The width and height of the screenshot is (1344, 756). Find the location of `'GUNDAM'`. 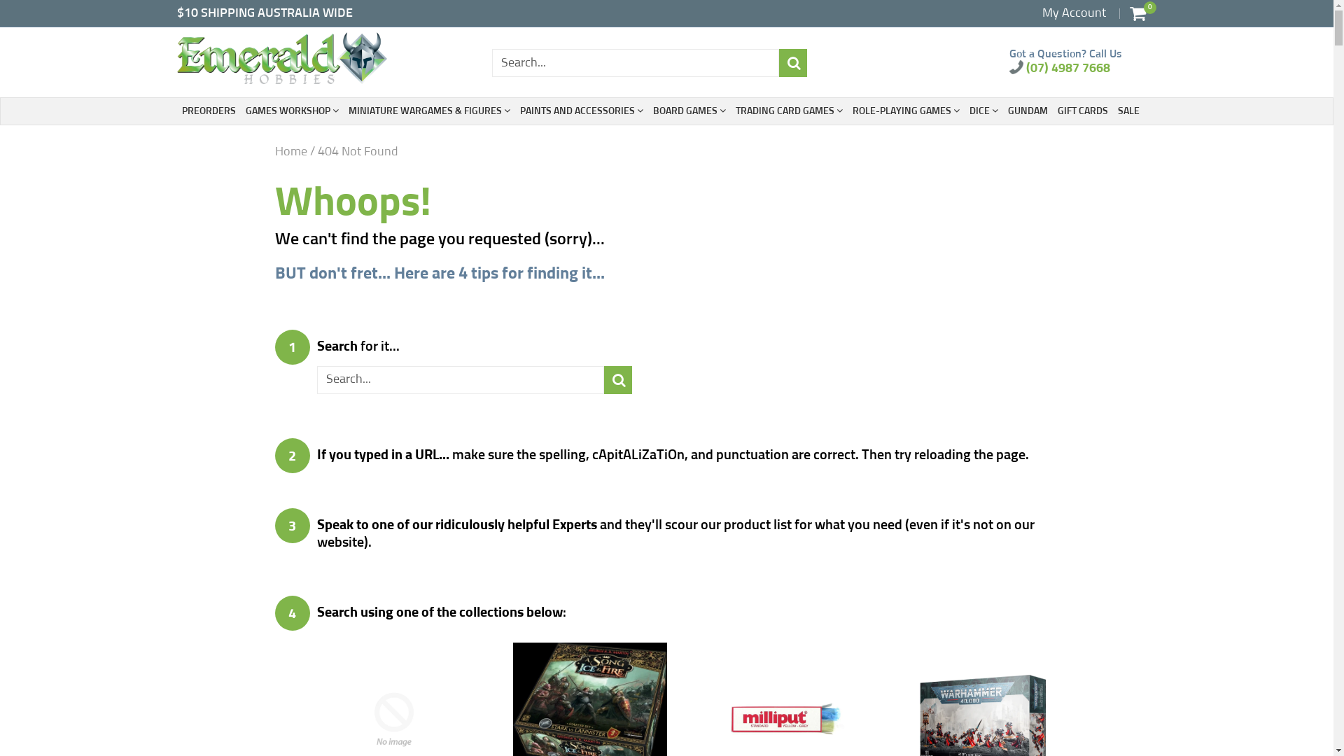

'GUNDAM' is located at coordinates (1028, 110).